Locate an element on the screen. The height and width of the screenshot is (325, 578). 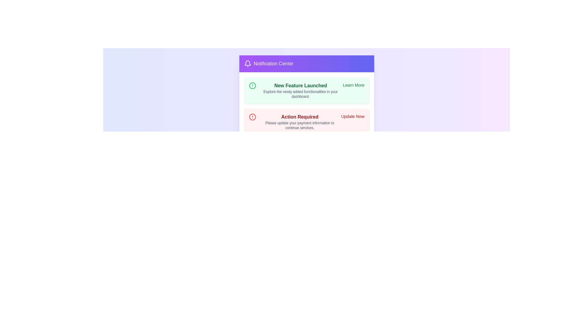
the text label that serves as a headline for the notification, located at the top of the red-highlighted notification block, above the description text 'Please update your payment information to continue services.' is located at coordinates (300, 117).